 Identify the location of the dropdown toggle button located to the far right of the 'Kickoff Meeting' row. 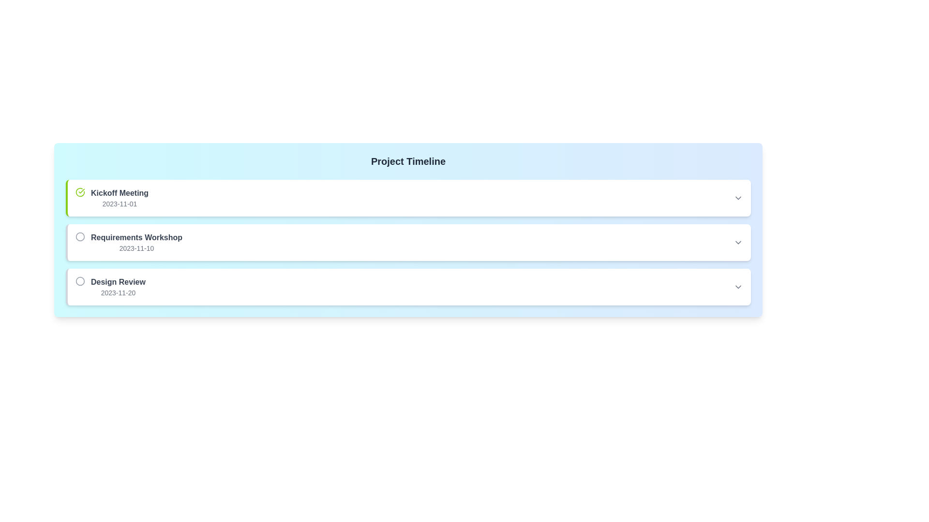
(738, 197).